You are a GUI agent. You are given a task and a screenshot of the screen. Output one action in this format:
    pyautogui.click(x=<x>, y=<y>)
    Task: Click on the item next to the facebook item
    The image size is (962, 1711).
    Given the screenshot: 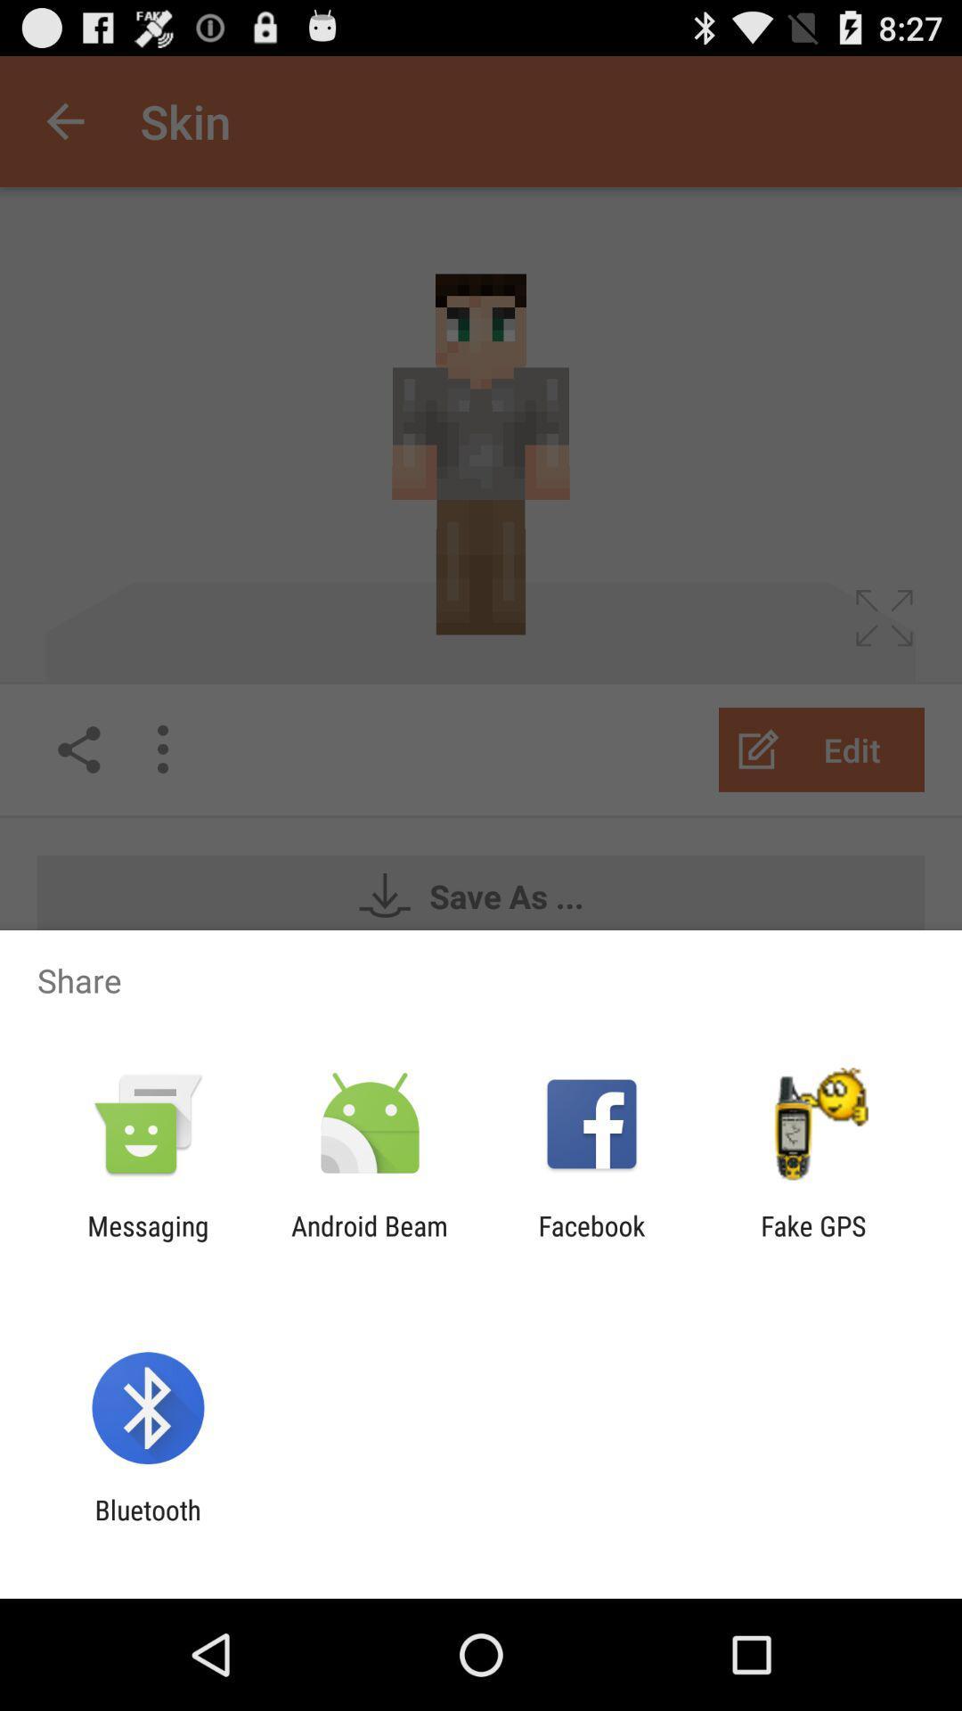 What is the action you would take?
    pyautogui.click(x=369, y=1240)
    